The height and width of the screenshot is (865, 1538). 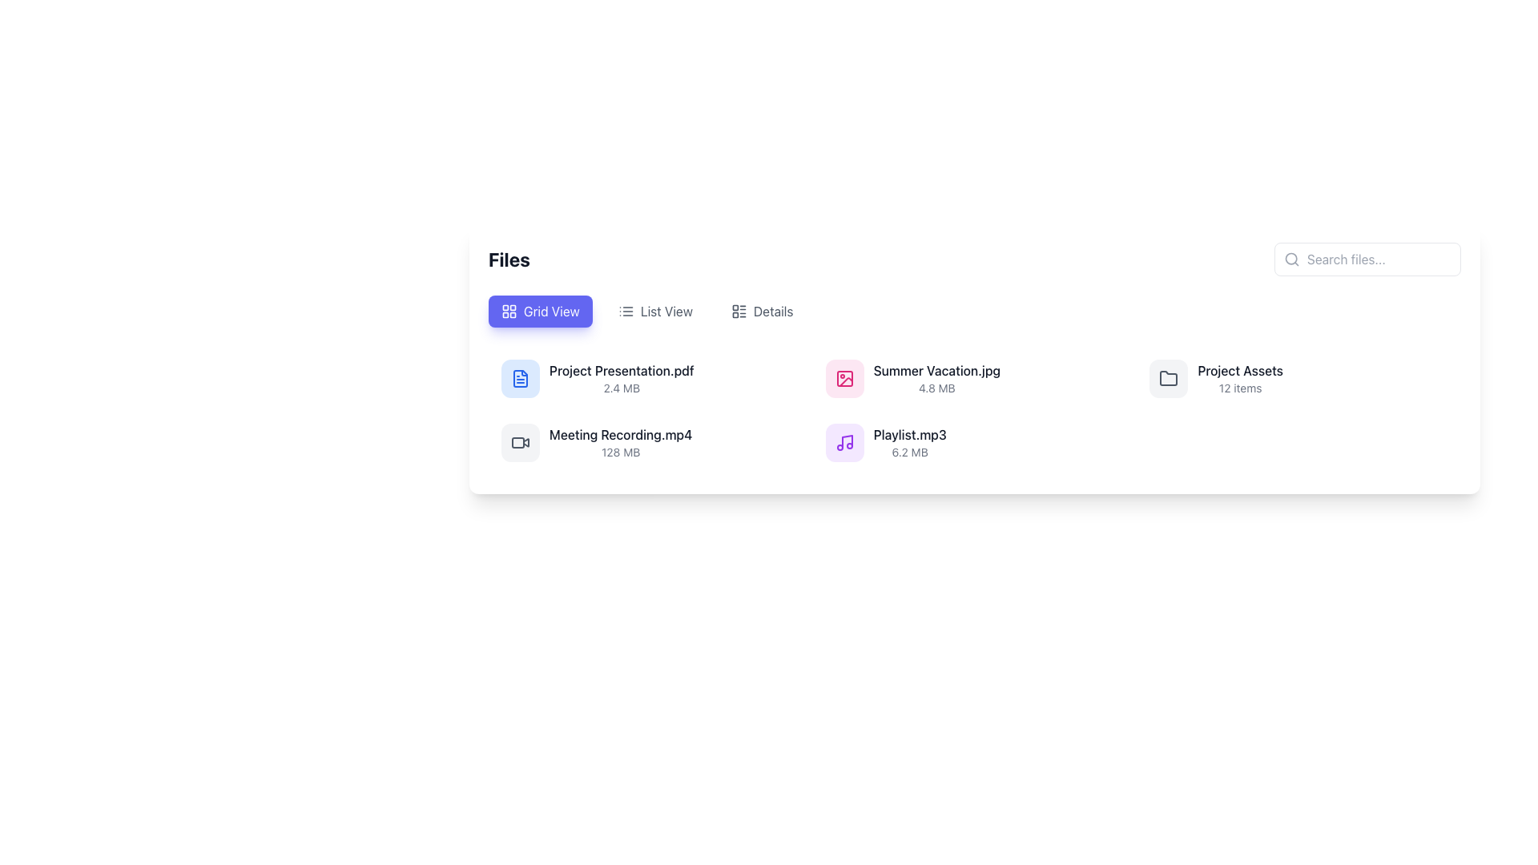 What do you see at coordinates (621, 388) in the screenshot?
I see `text content of the file size label located directly below 'Project Presentation.pdf' in the grid view layout` at bounding box center [621, 388].